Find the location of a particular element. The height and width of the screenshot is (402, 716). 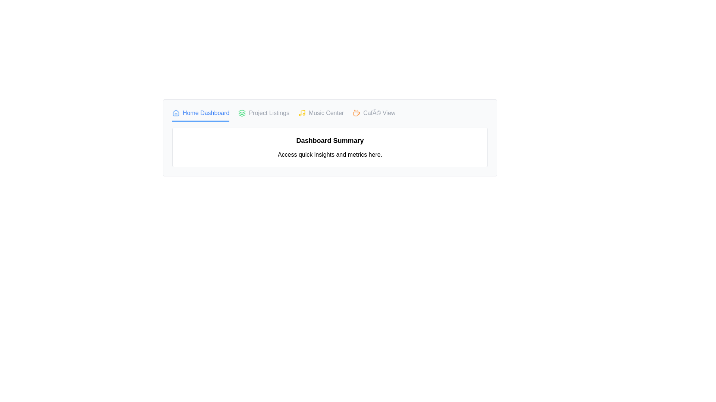

the 'Music Center' clickable navigation tab, which features a yellow music note icon and changes text color to blue upon interaction is located at coordinates (321, 115).